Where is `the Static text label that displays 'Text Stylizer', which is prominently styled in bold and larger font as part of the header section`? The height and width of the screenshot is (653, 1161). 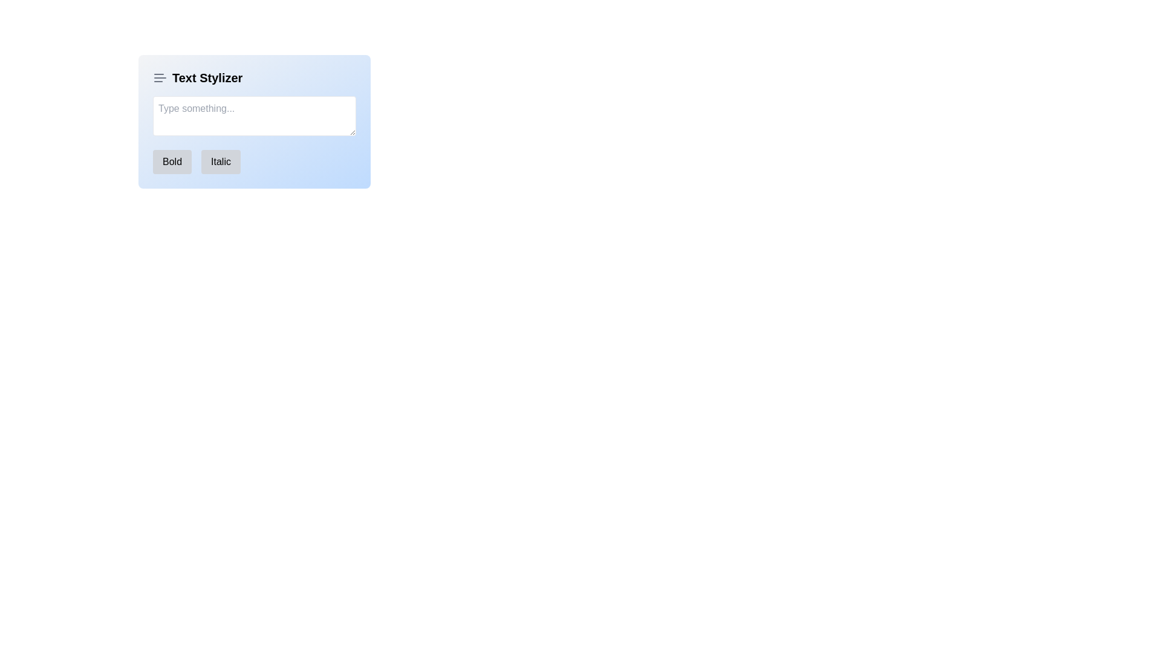
the Static text label that displays 'Text Stylizer', which is prominently styled in bold and larger font as part of the header section is located at coordinates (207, 77).